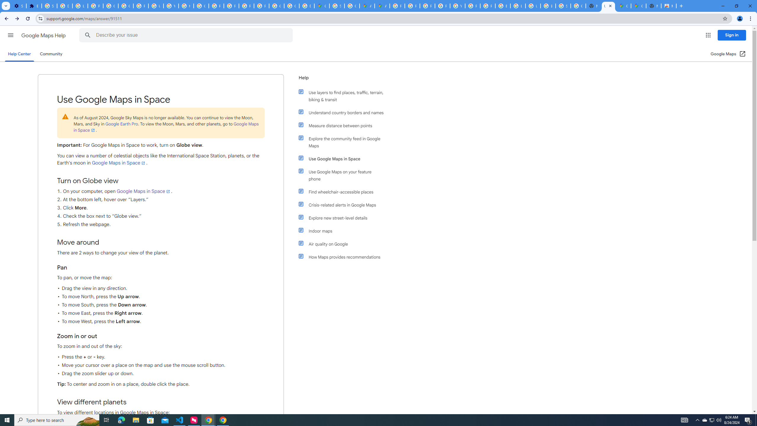 The width and height of the screenshot is (757, 426). Describe the element at coordinates (344, 159) in the screenshot. I see `'Use Google Maps in Space'` at that location.